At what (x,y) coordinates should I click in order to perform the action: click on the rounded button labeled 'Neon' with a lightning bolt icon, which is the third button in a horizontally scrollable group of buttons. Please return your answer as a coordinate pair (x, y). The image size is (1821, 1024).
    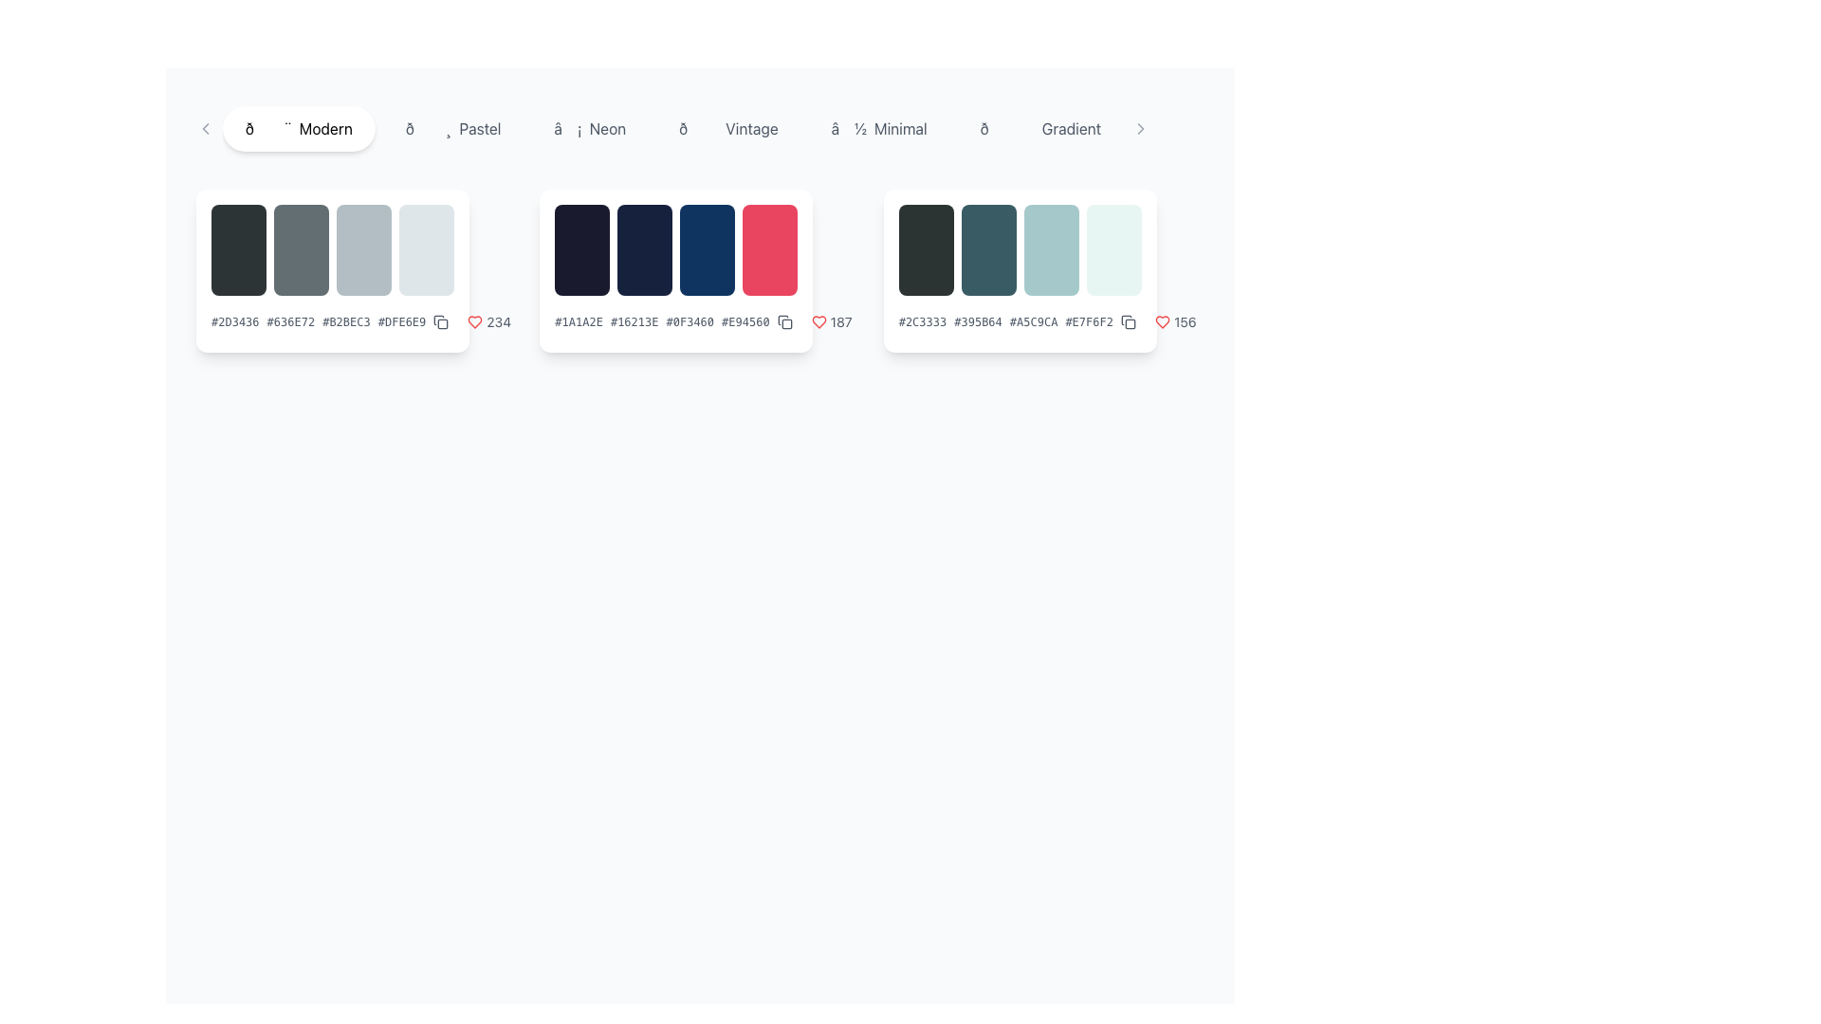
    Looking at the image, I should click on (589, 128).